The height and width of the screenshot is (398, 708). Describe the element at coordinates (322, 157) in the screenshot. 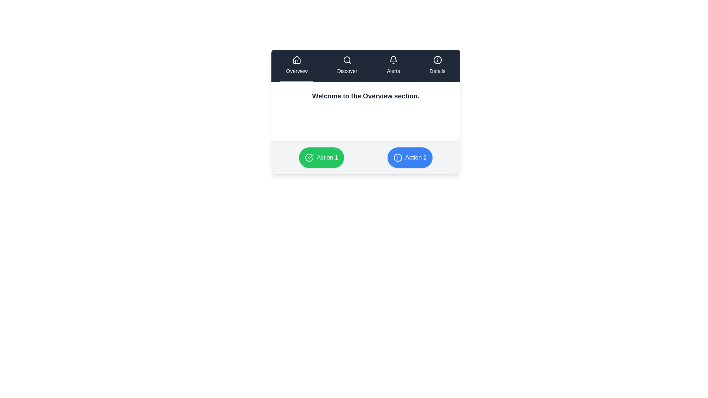

I see `the circular green button labeled 'Action 1' with a white check mark icon` at that location.